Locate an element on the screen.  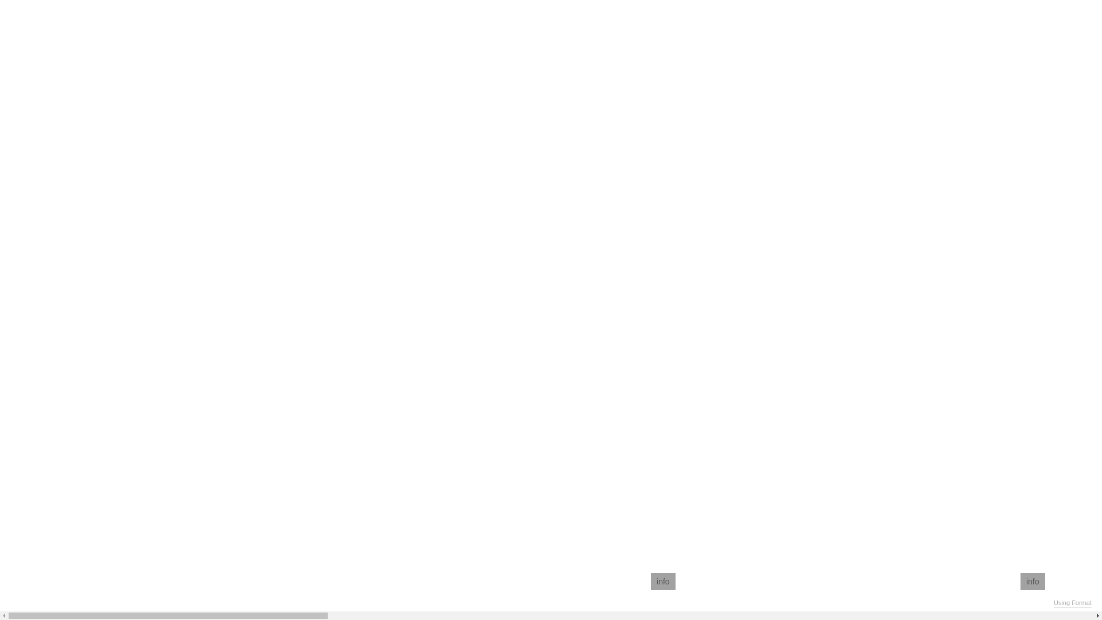
'Using Format' is located at coordinates (1072, 602).